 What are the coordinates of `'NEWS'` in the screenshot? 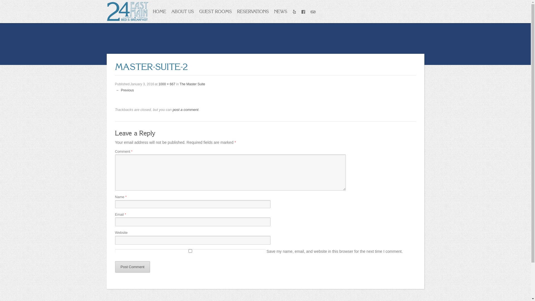 It's located at (281, 11).